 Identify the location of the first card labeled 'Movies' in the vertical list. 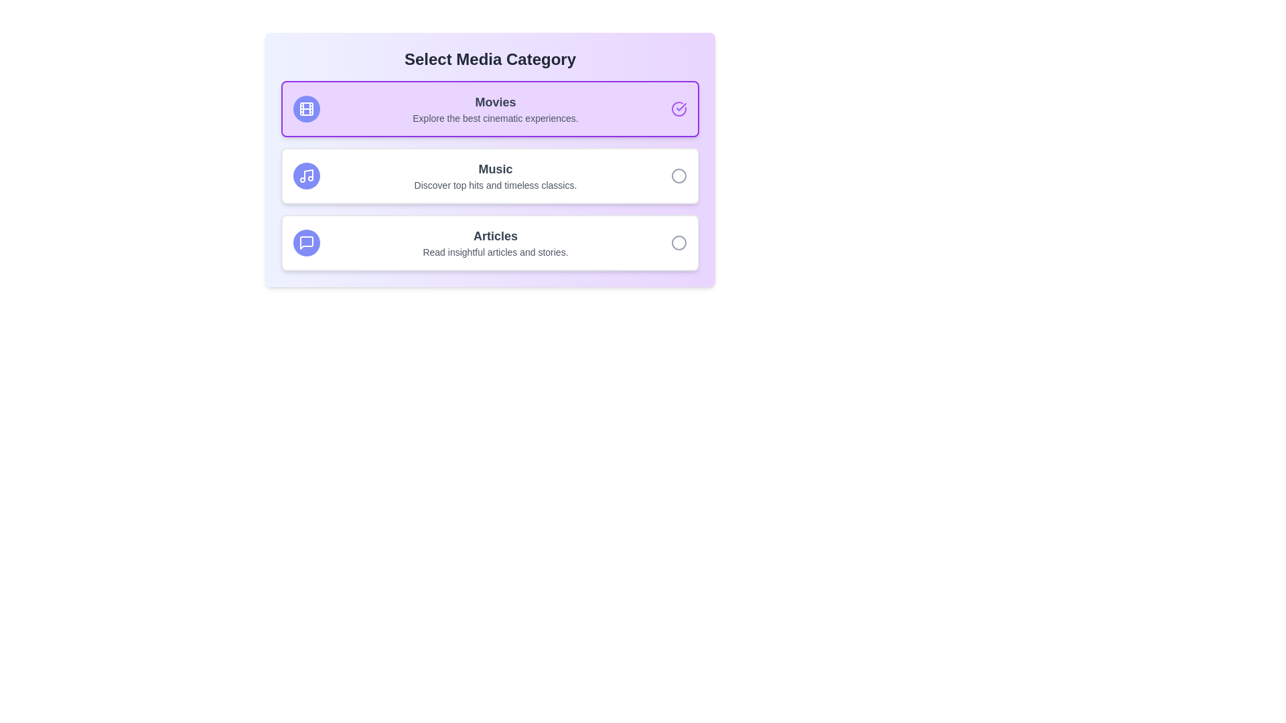
(494, 108).